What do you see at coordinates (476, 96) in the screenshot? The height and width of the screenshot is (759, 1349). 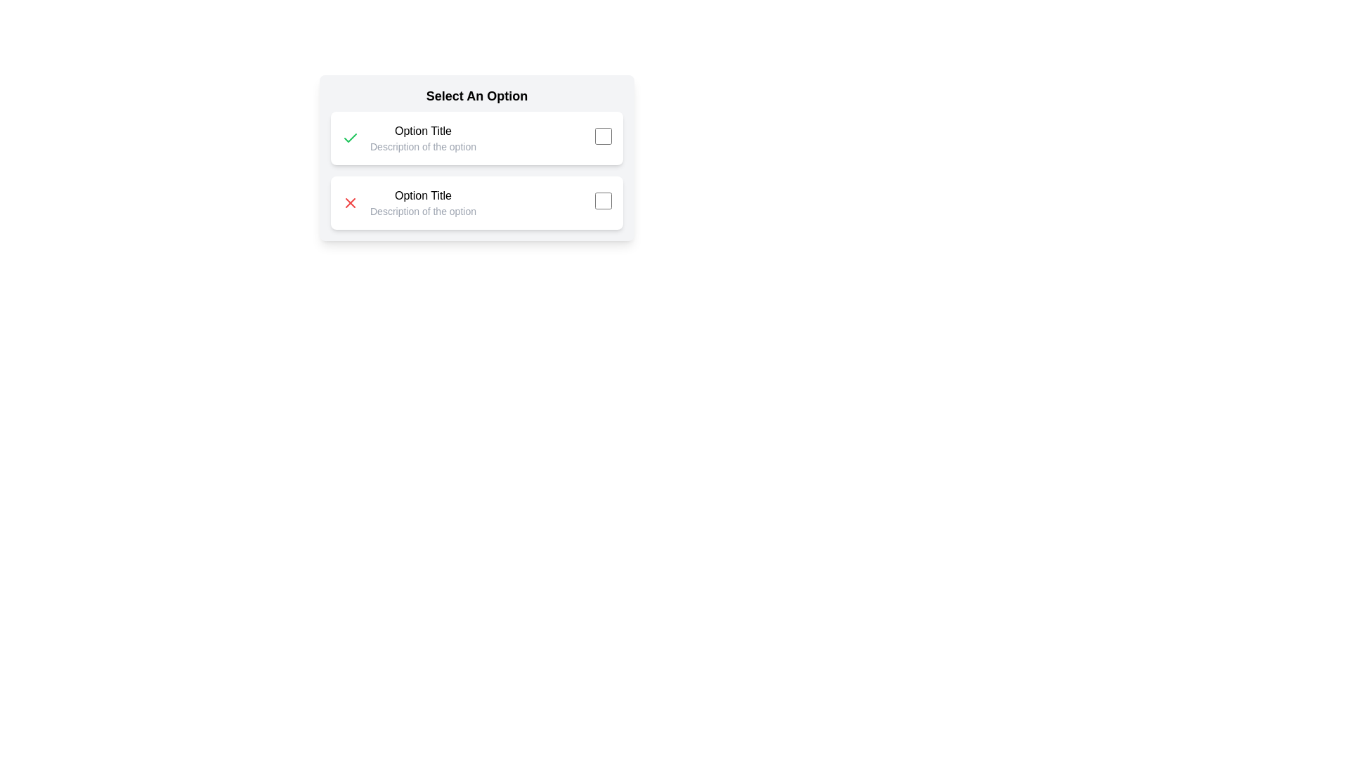 I see `the text label that says 'Select An Option', which is displayed in bold and larger font size, located at the top of the panel containing selectable items` at bounding box center [476, 96].